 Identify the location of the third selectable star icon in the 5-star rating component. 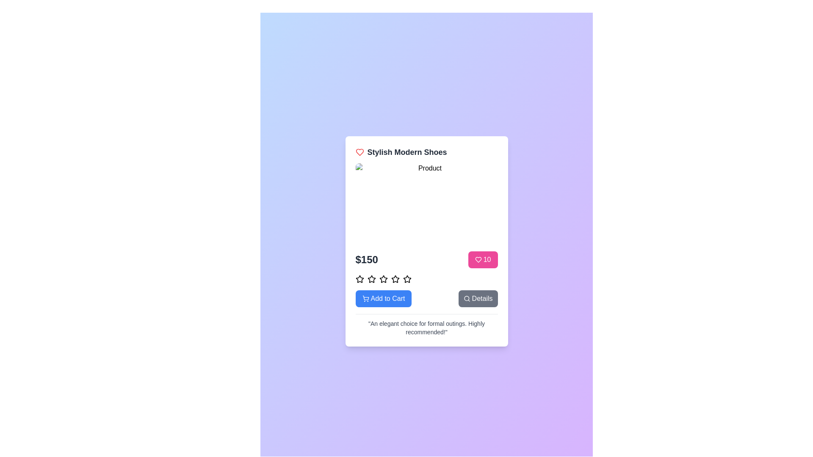
(383, 279).